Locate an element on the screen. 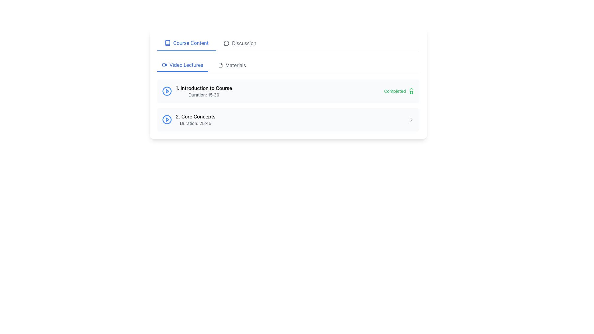 This screenshot has height=334, width=594. the Tab Navigation Button is located at coordinates (239, 43).